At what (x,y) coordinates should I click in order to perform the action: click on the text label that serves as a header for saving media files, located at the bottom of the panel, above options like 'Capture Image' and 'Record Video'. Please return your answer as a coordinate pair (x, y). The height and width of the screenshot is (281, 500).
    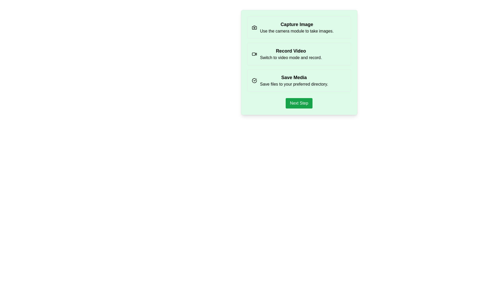
    Looking at the image, I should click on (294, 77).